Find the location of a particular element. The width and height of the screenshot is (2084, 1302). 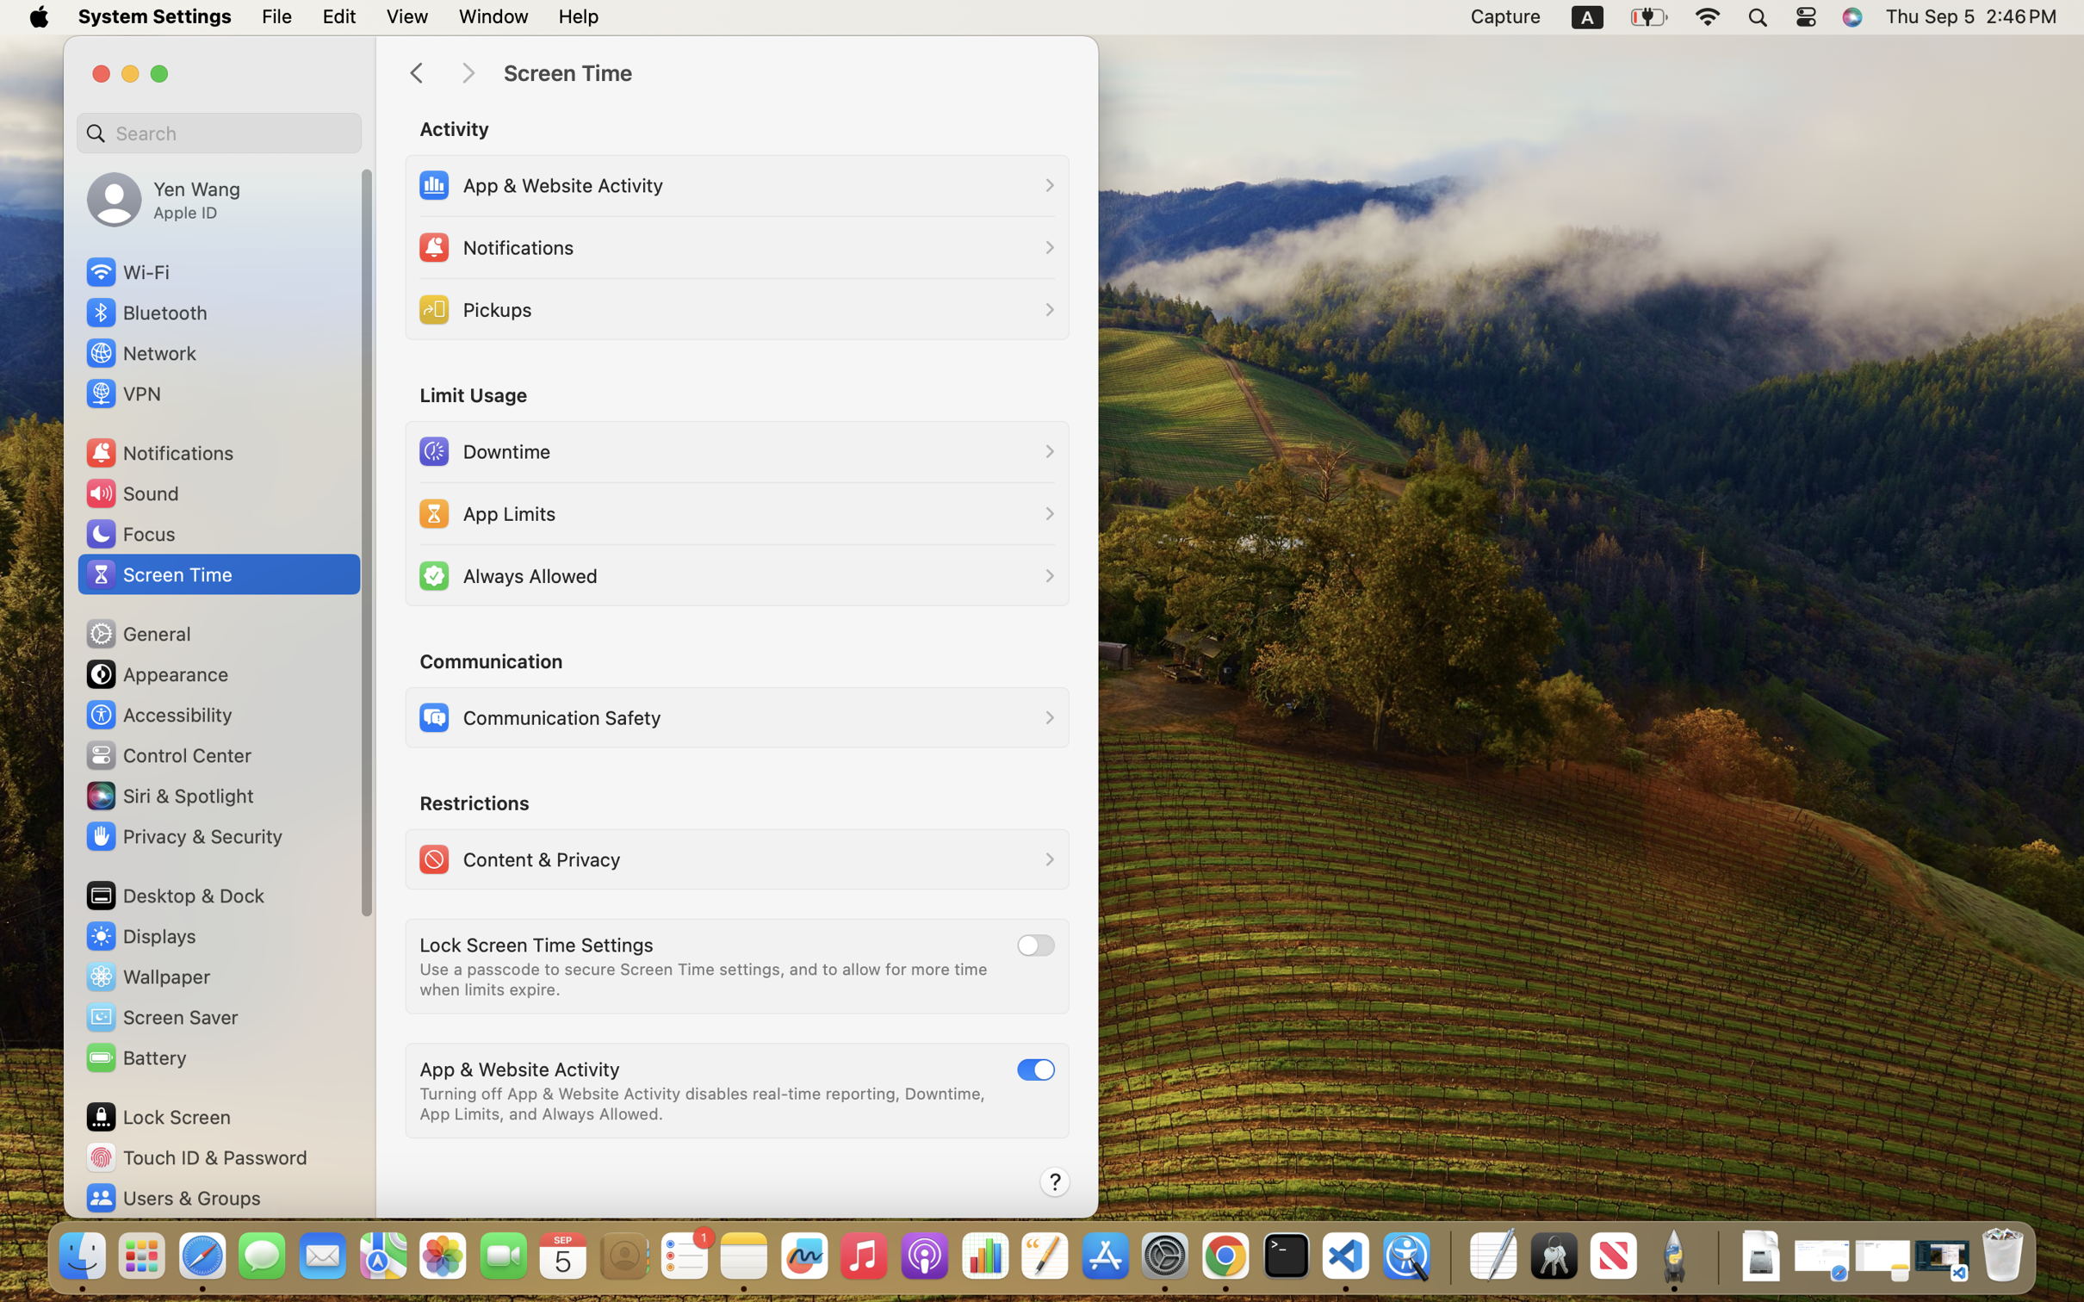

'Wallpaper' is located at coordinates (147, 976).